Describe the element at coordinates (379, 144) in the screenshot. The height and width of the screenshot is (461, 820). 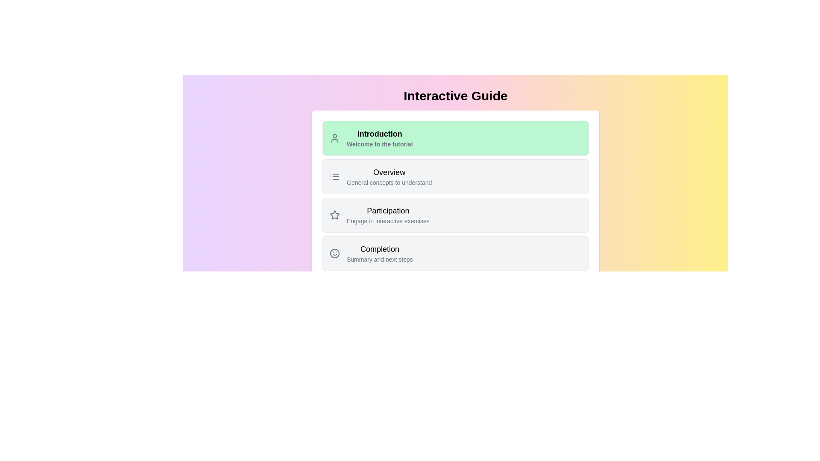
I see `text string 'Welcome to the tutorial' displayed in a light gray color within the light green banner below the title 'Introduction'` at that location.